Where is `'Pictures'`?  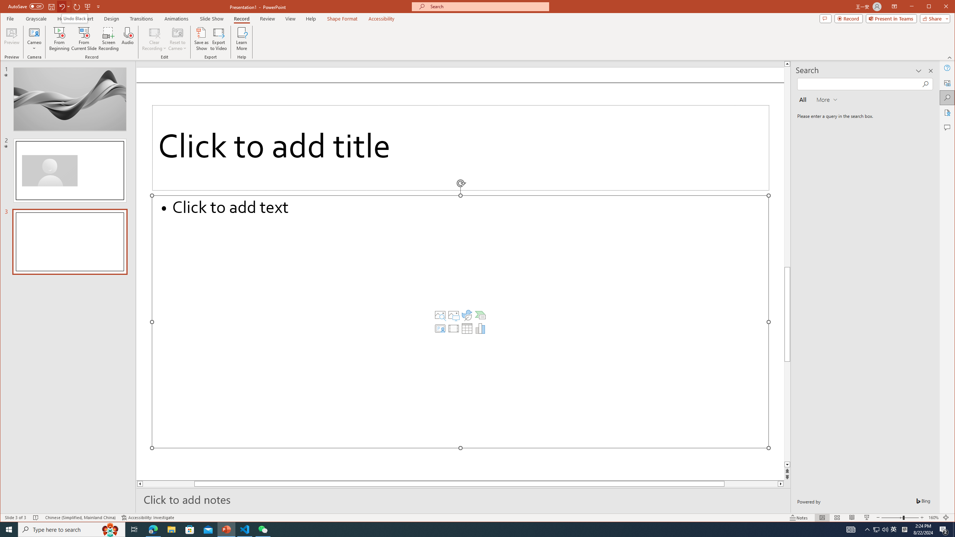
'Pictures' is located at coordinates (453, 315).